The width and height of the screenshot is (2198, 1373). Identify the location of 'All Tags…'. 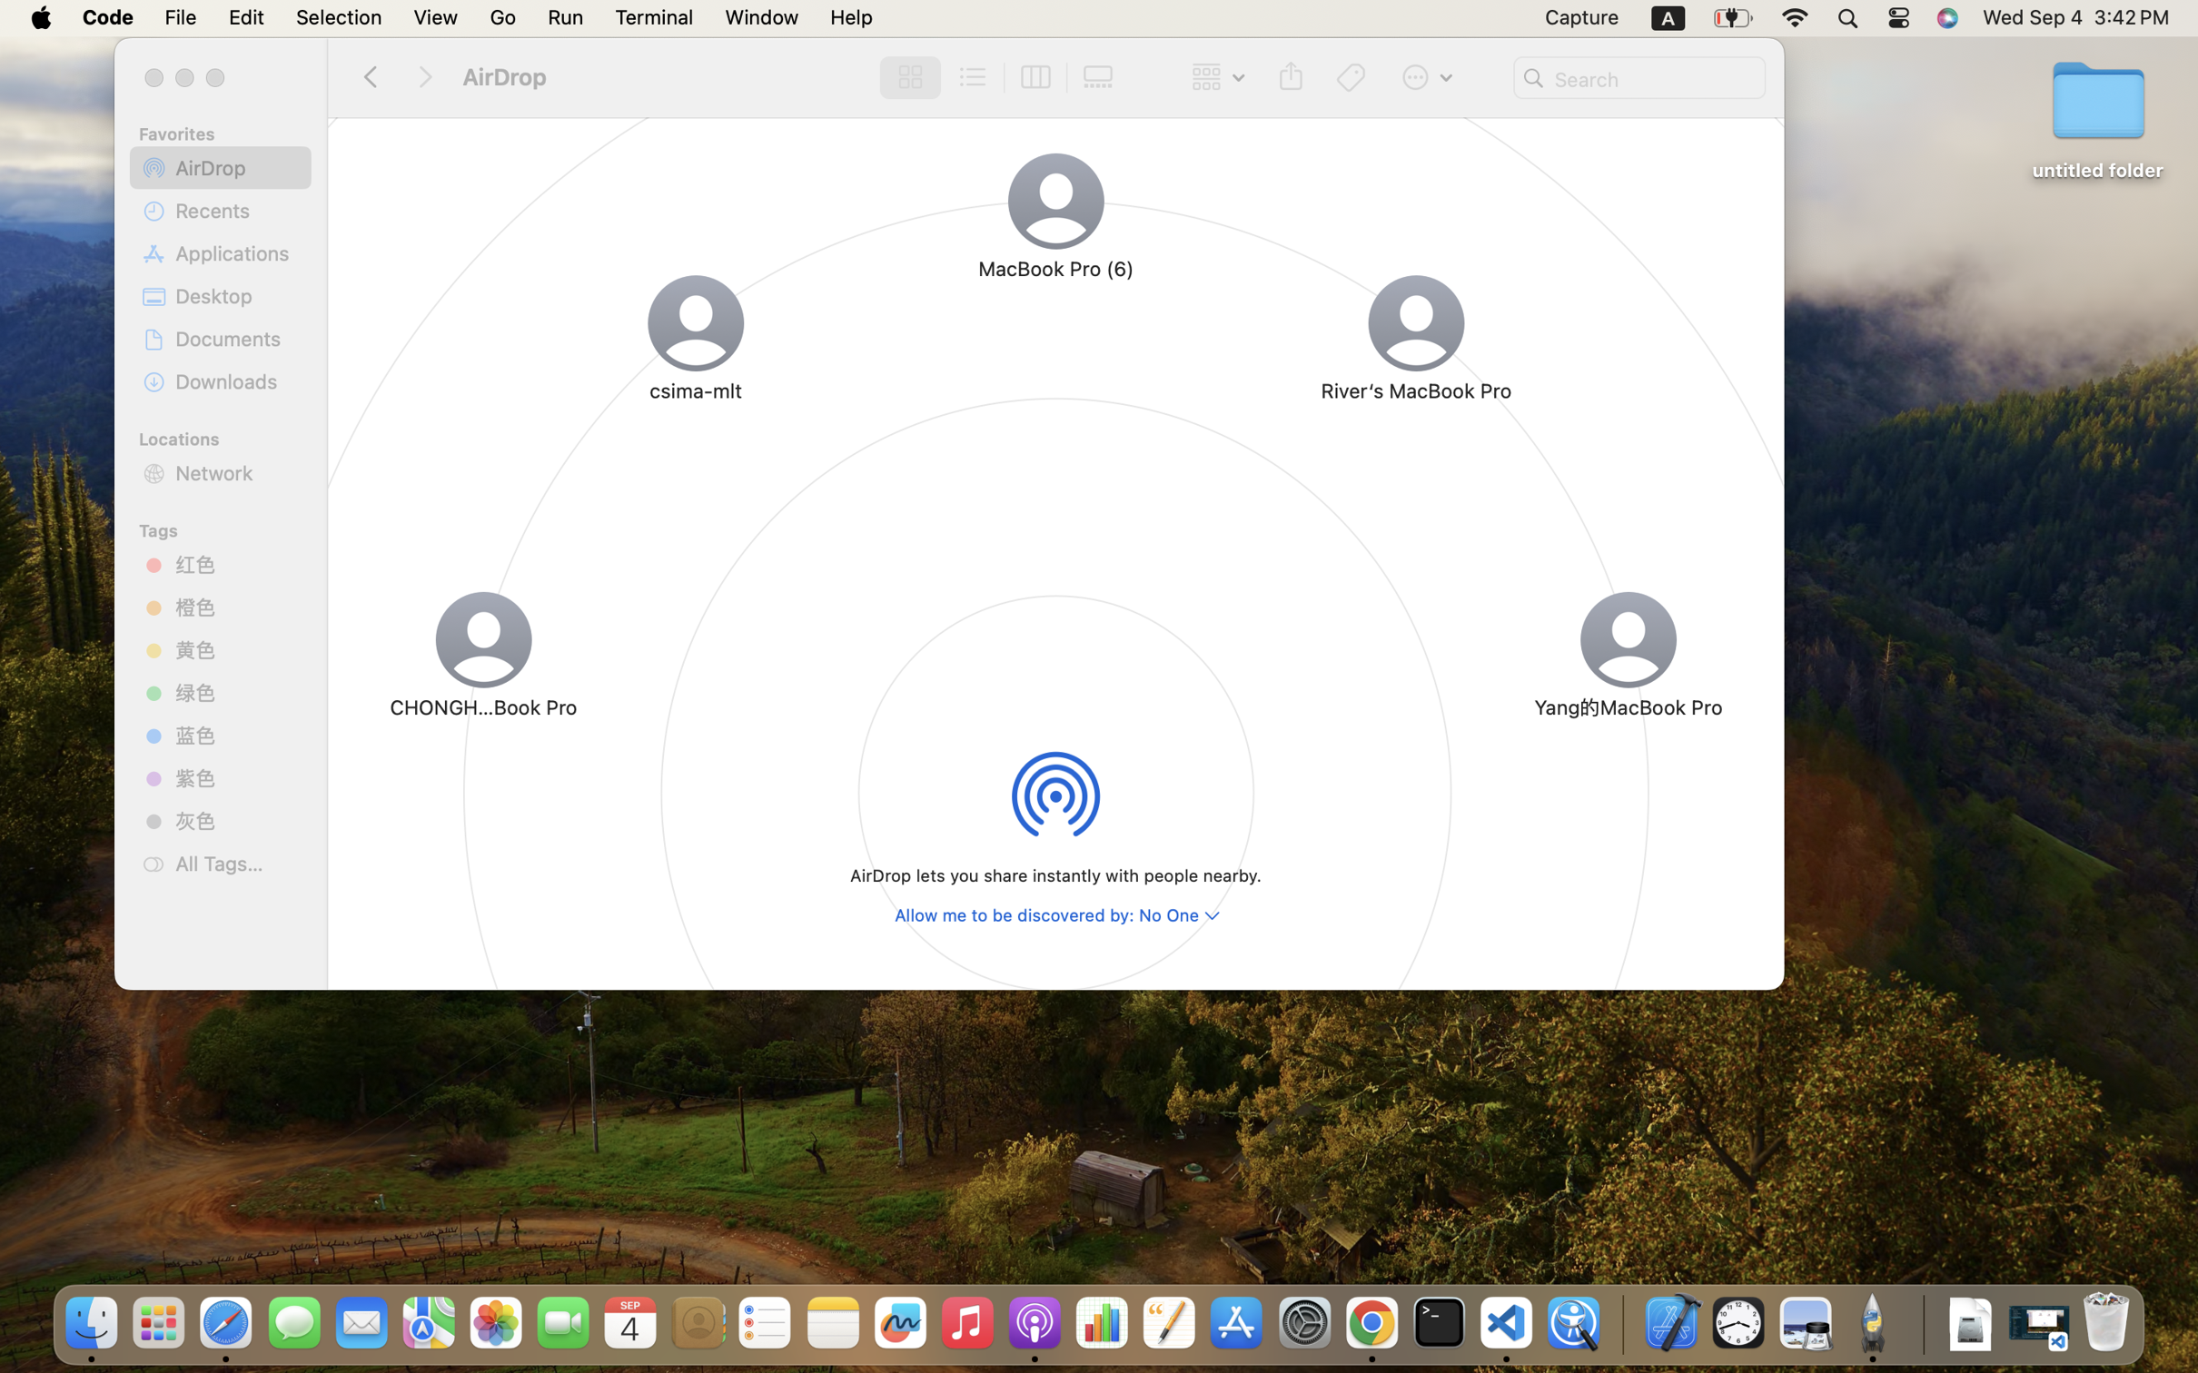
(236, 862).